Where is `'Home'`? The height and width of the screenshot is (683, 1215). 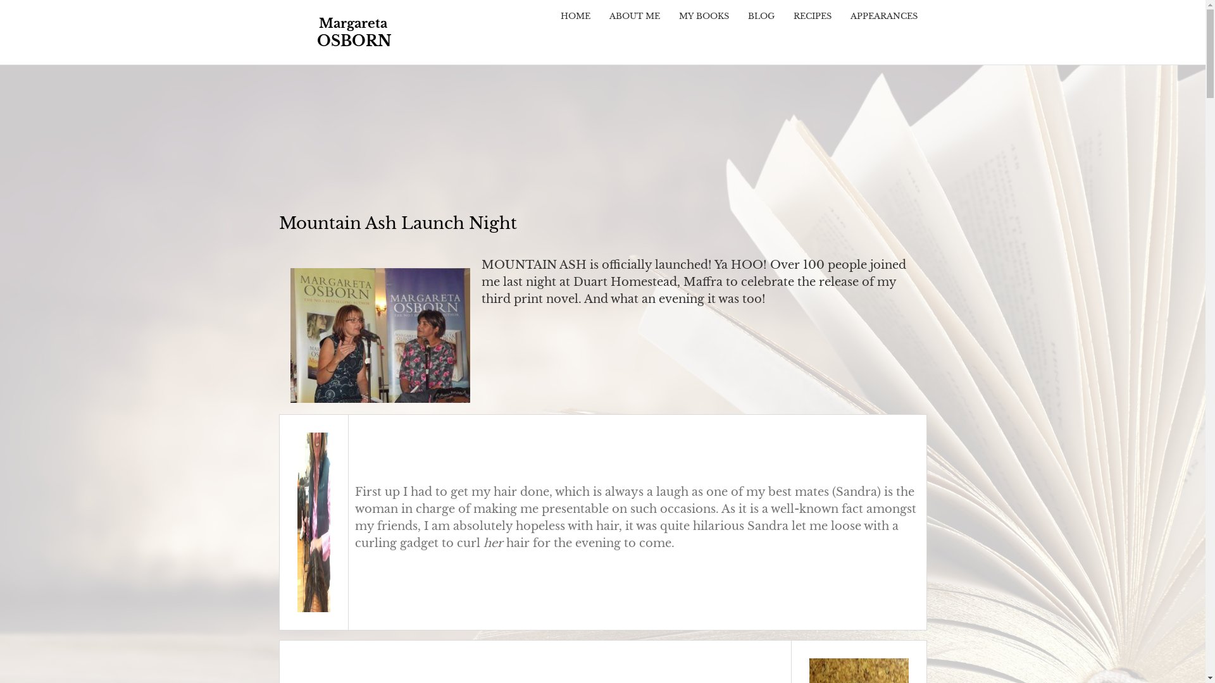
'Home' is located at coordinates (278, 31).